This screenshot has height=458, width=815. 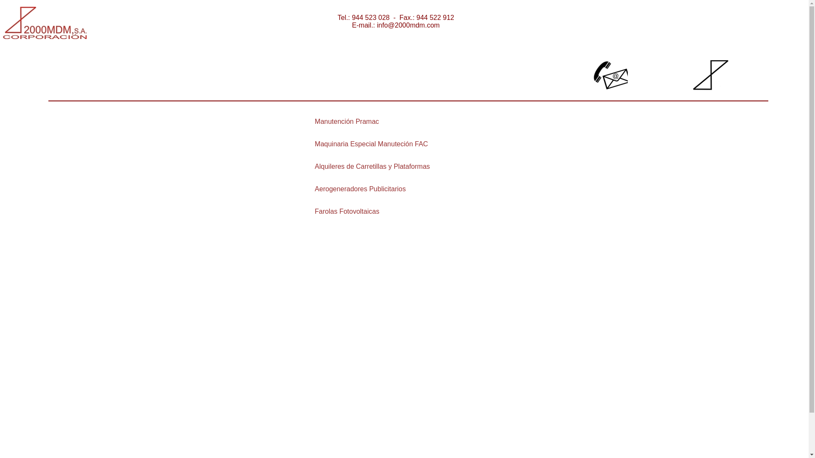 What do you see at coordinates (347, 211) in the screenshot?
I see `'Farolas Fotovoltaicas'` at bounding box center [347, 211].